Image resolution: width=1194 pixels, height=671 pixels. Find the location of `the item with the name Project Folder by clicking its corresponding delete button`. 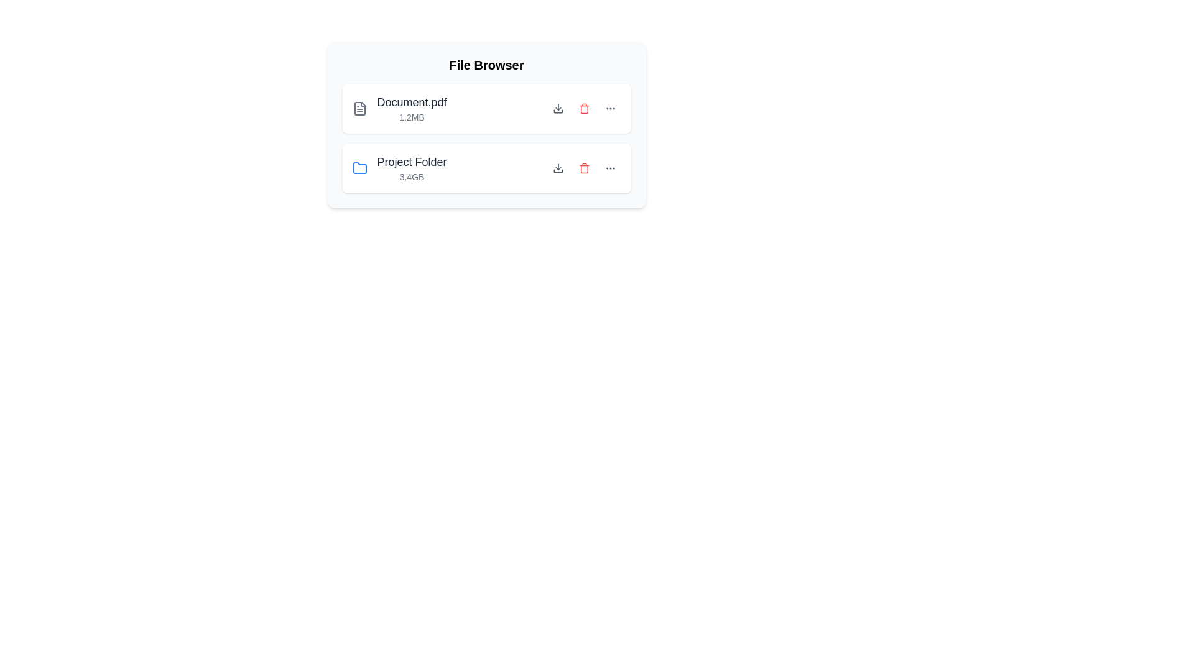

the item with the name Project Folder by clicking its corresponding delete button is located at coordinates (583, 168).